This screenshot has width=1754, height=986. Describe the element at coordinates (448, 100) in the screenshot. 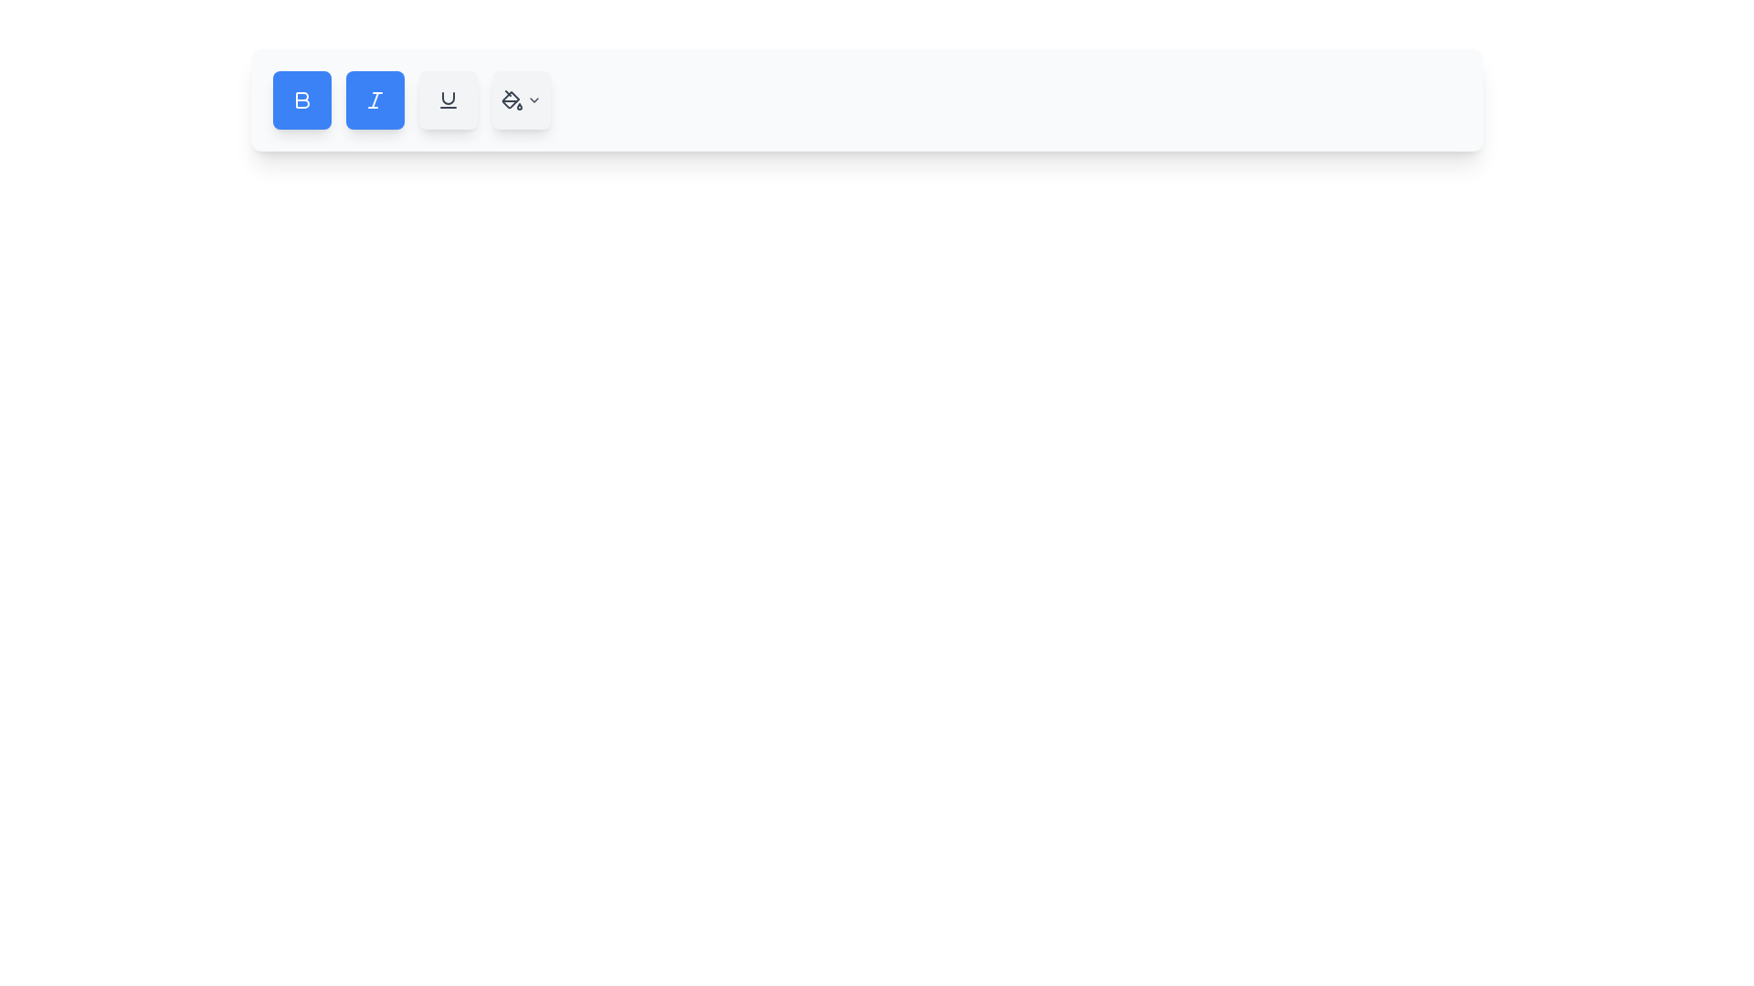

I see `the underline formatting button, which is the third button in the formatting toolbar located near the top-center of the interface` at that location.